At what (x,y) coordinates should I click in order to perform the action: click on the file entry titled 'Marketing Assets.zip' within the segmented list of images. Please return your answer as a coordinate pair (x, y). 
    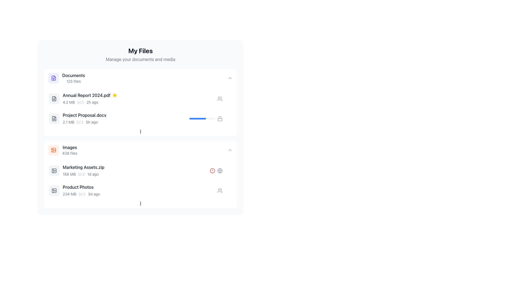
    Looking at the image, I should click on (140, 175).